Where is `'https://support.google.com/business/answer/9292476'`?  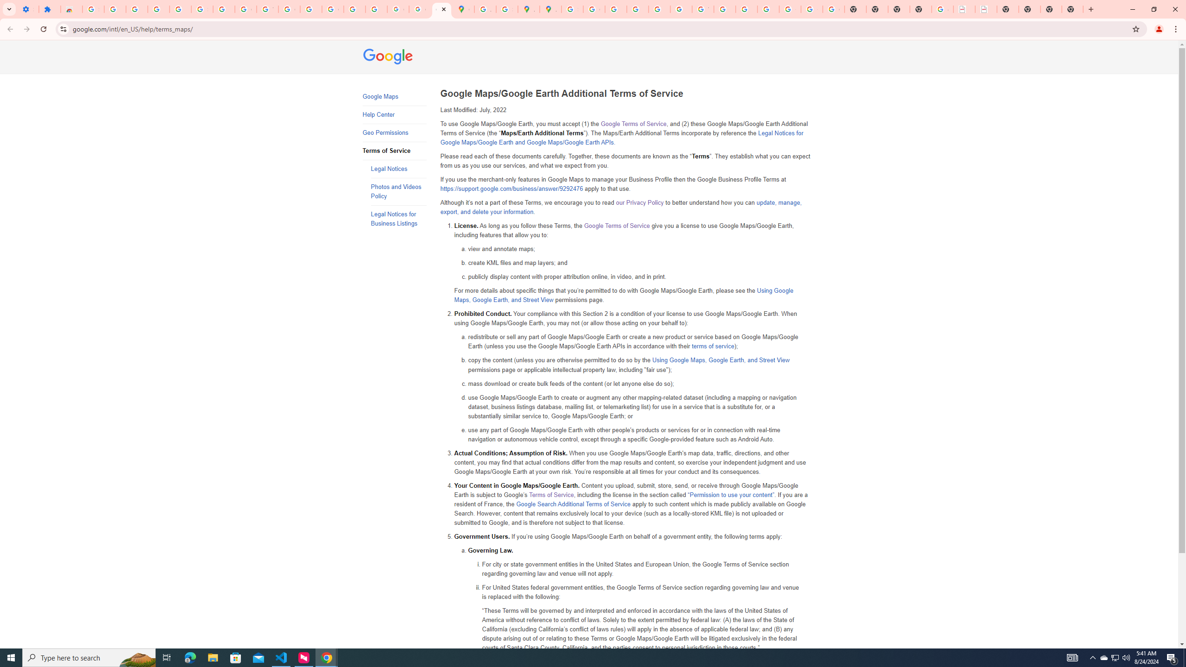 'https://support.google.com/business/answer/9292476' is located at coordinates (511, 189).